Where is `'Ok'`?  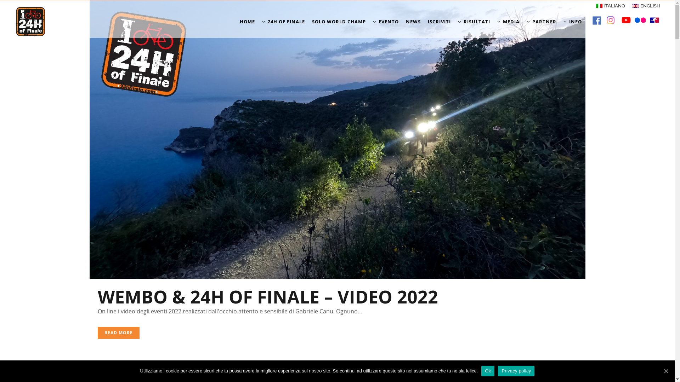 'Ok' is located at coordinates (481, 371).